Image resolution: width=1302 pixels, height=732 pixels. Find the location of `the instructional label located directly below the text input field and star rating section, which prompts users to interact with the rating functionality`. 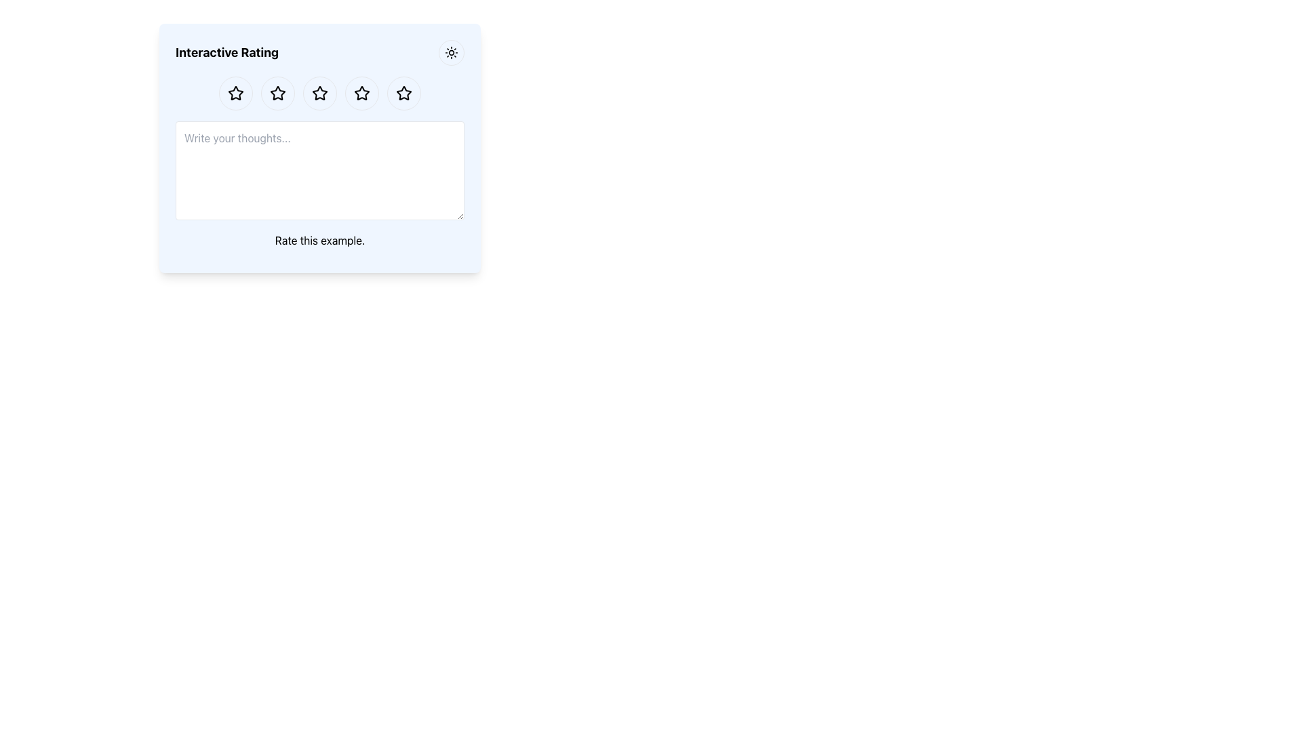

the instructional label located directly below the text input field and star rating section, which prompts users to interact with the rating functionality is located at coordinates (319, 239).